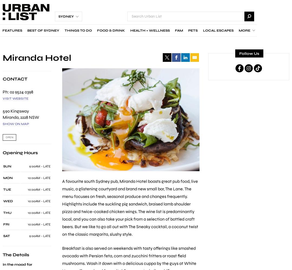  I want to click on 'Ph:', so click(6, 91).